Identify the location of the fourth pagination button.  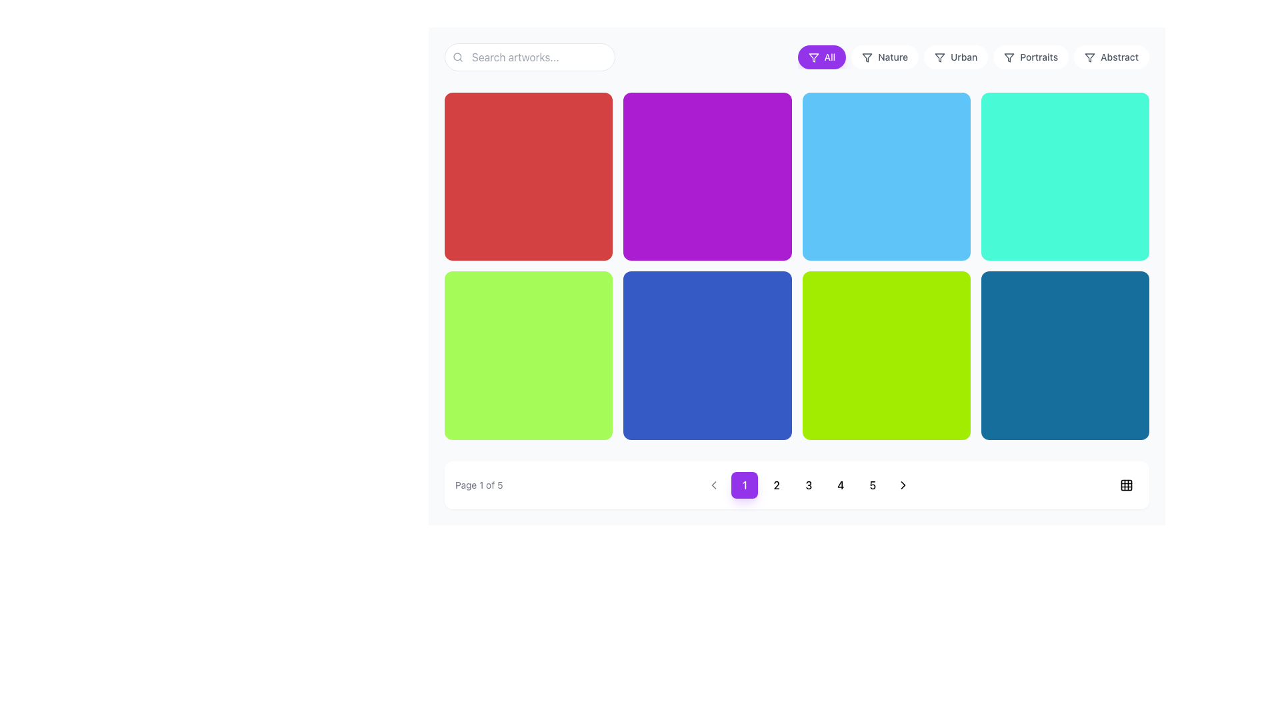
(840, 485).